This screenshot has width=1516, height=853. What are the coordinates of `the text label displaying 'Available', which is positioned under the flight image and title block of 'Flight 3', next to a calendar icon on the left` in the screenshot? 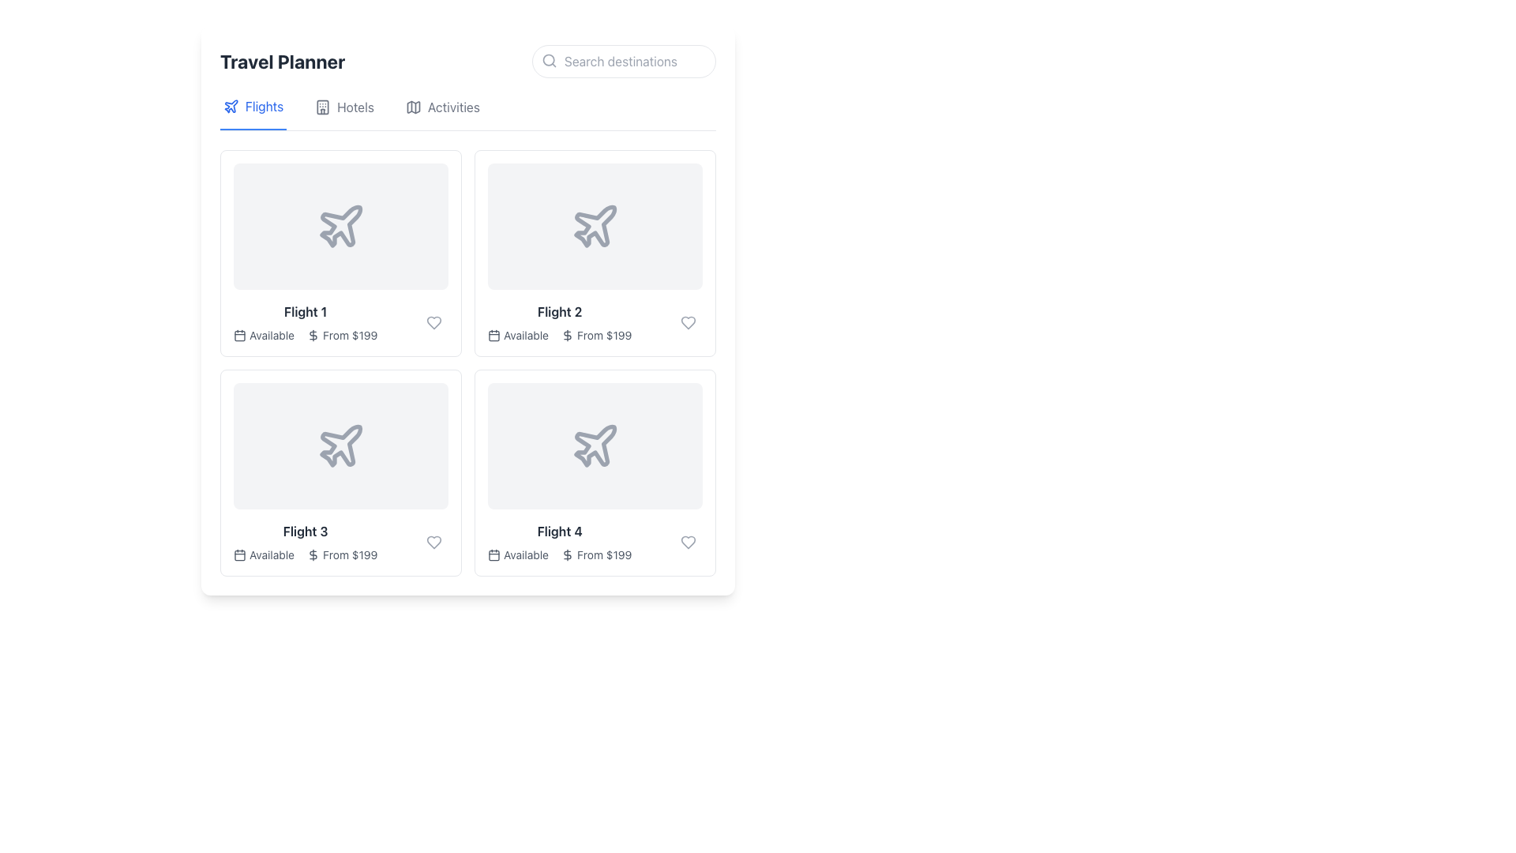 It's located at (272, 554).